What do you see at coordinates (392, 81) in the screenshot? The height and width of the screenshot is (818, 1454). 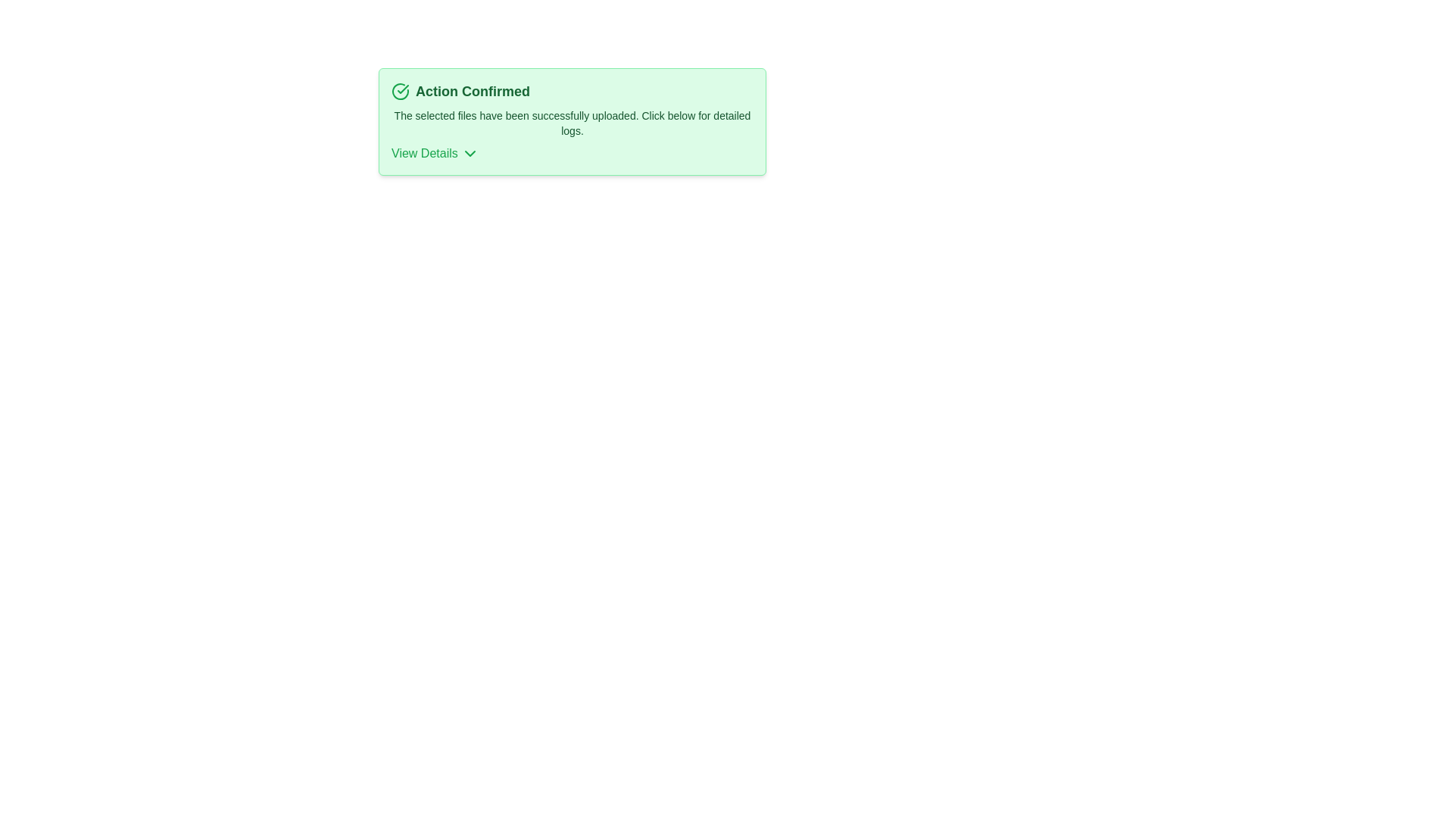 I see `the text 'Action Confirmed' by dragging over it` at bounding box center [392, 81].